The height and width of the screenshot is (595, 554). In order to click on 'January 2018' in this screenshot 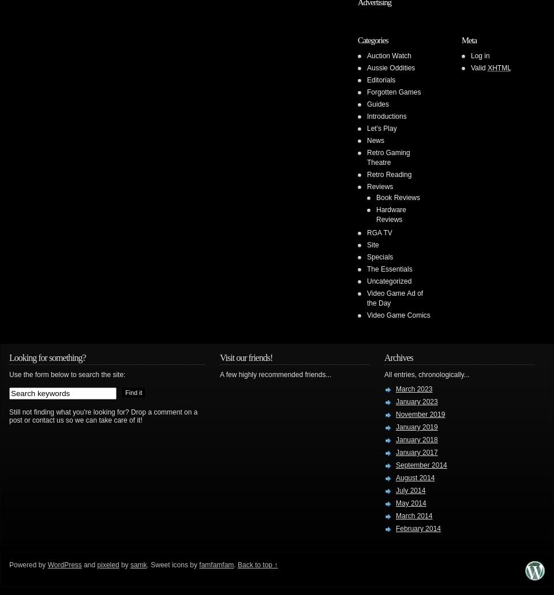, I will do `click(396, 439)`.